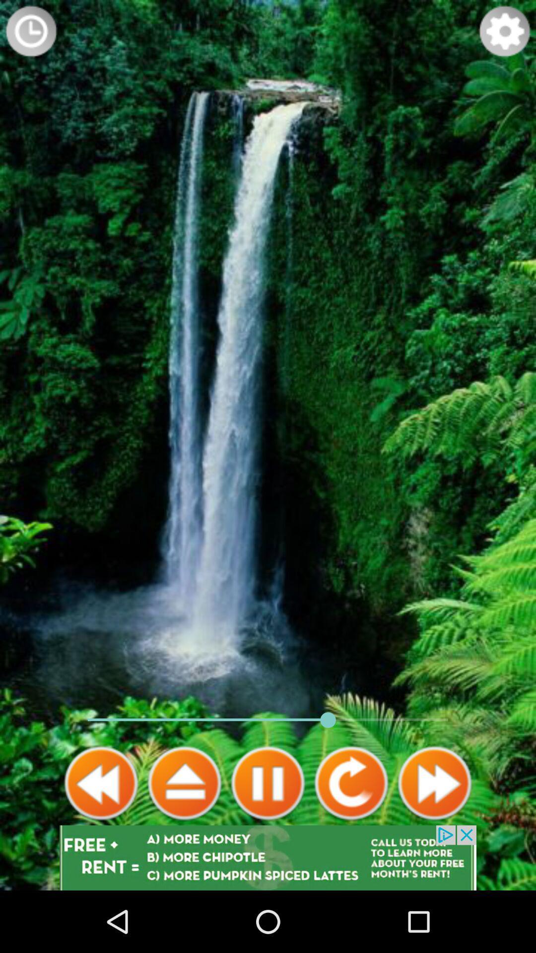  Describe the element at coordinates (268, 783) in the screenshot. I see `pause audio` at that location.